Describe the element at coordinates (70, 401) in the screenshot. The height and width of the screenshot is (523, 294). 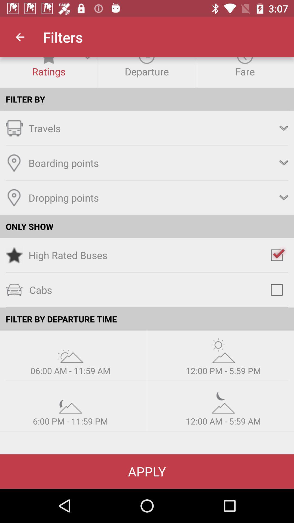
I see `filter by this time` at that location.